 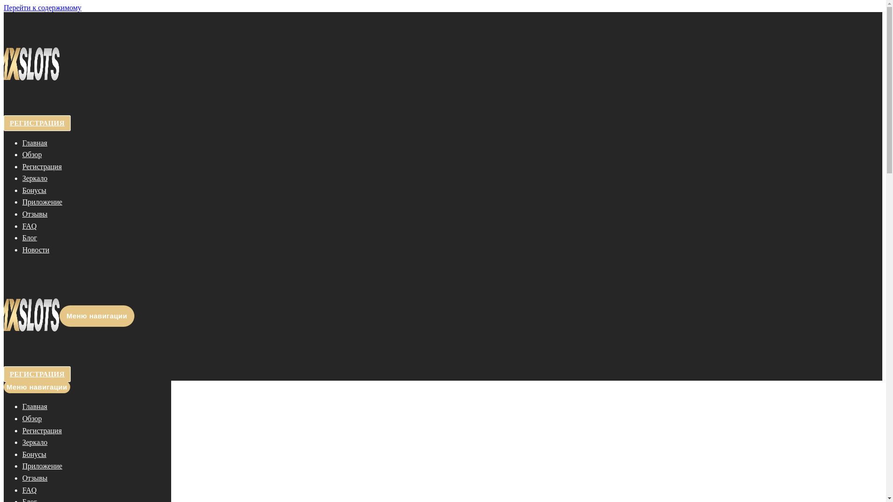 I want to click on 'FAQ', so click(x=29, y=489).